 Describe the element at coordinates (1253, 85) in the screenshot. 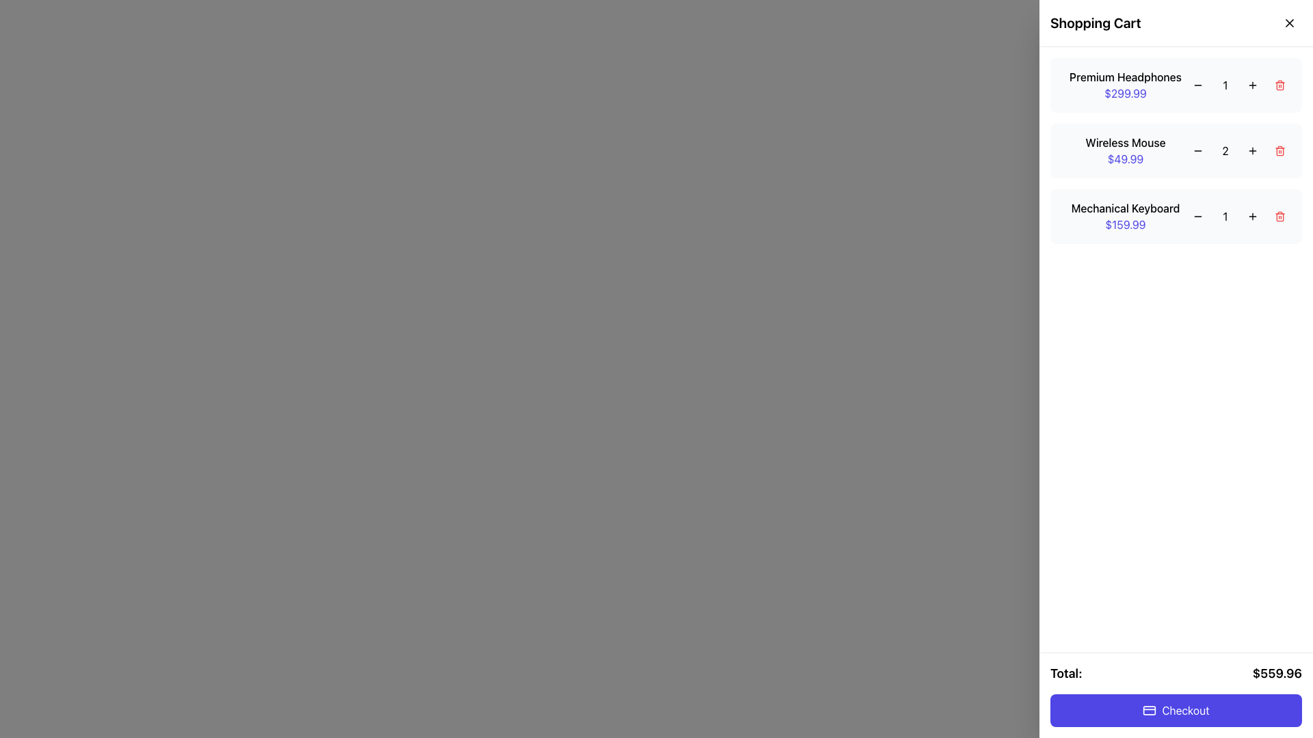

I see `the small circular button with a '+' icon in the item row labeled 'Premium Headphones'` at that location.